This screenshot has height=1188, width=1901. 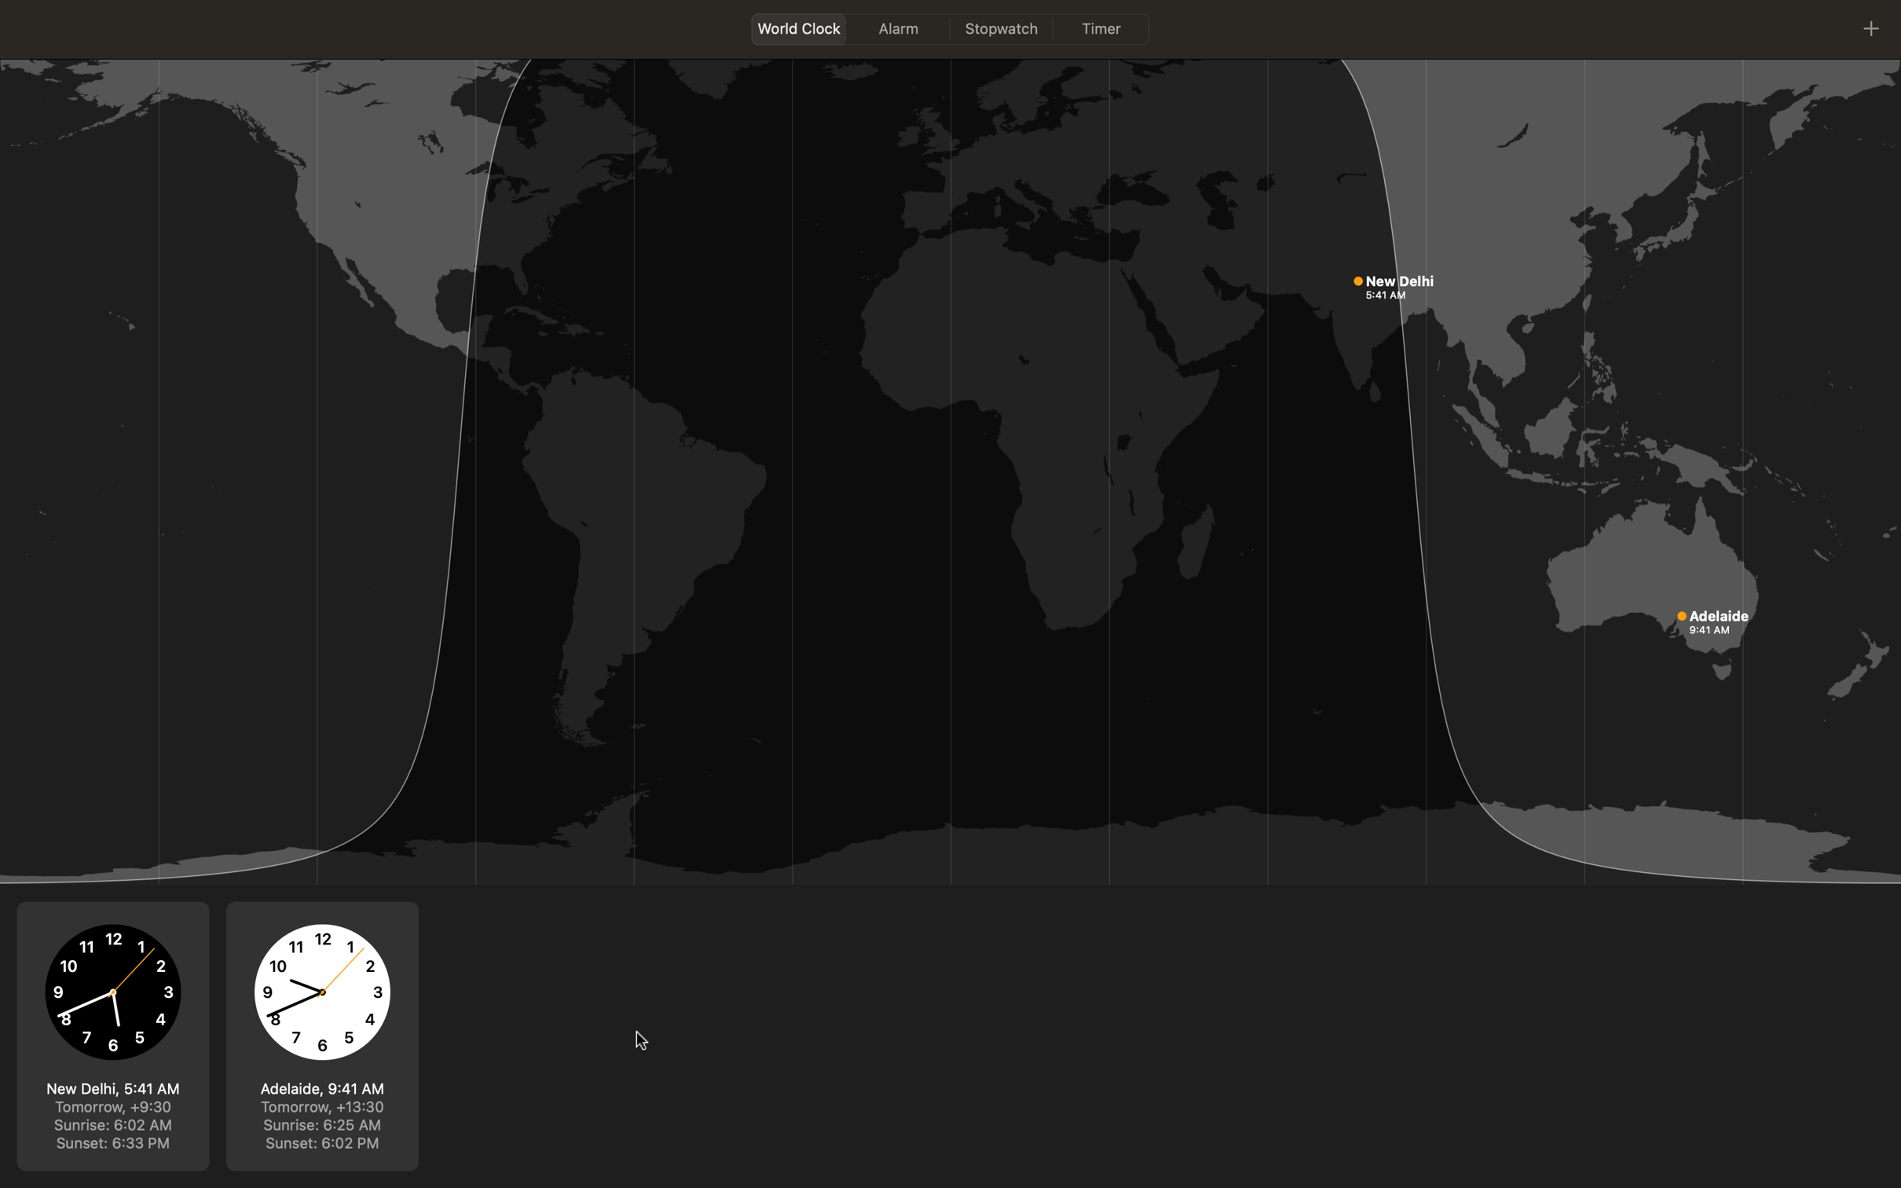 I want to click on Switch to world clock tab, so click(x=798, y=27).